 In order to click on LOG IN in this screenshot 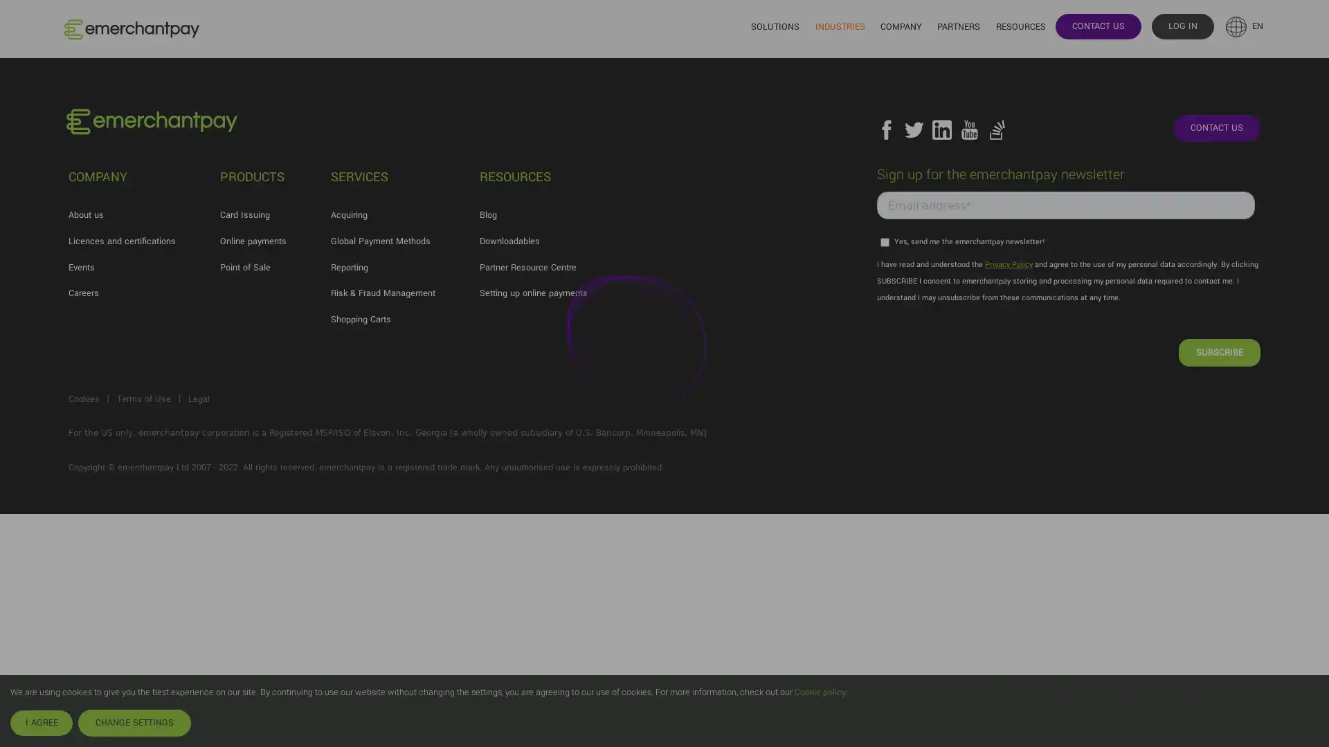, I will do `click(1182, 26)`.